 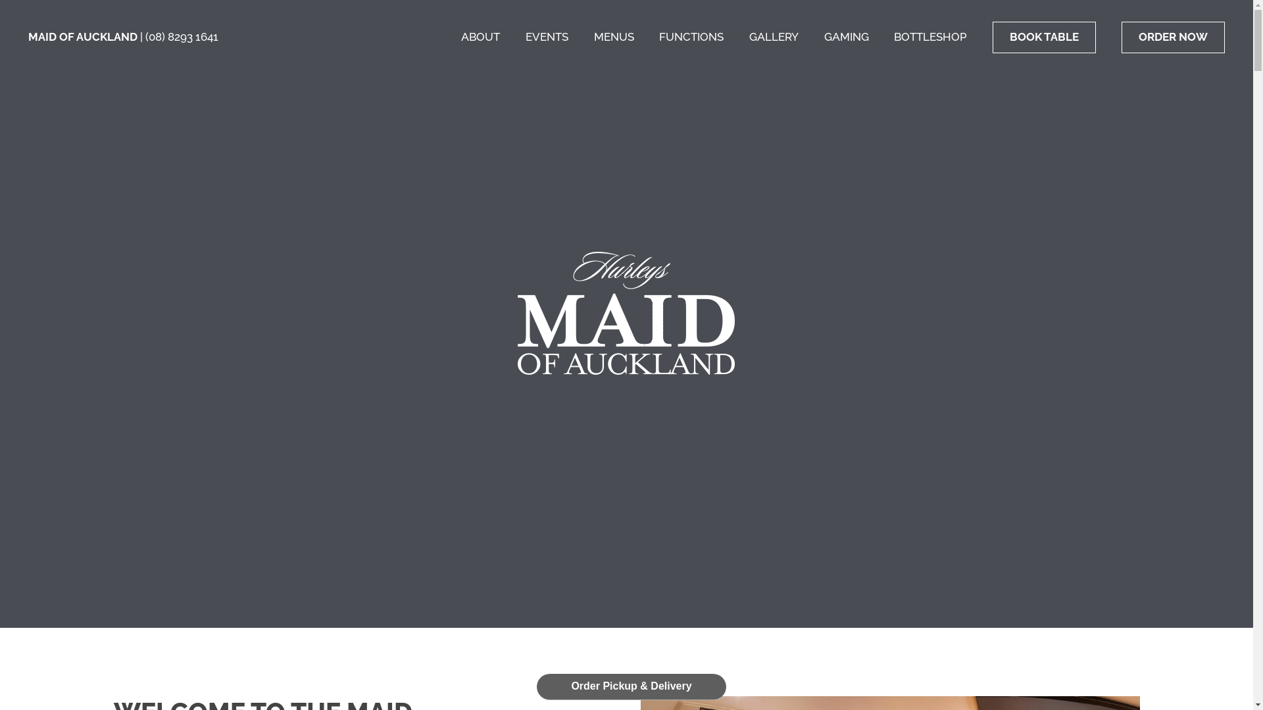 I want to click on 'MENUS', so click(x=593, y=36).